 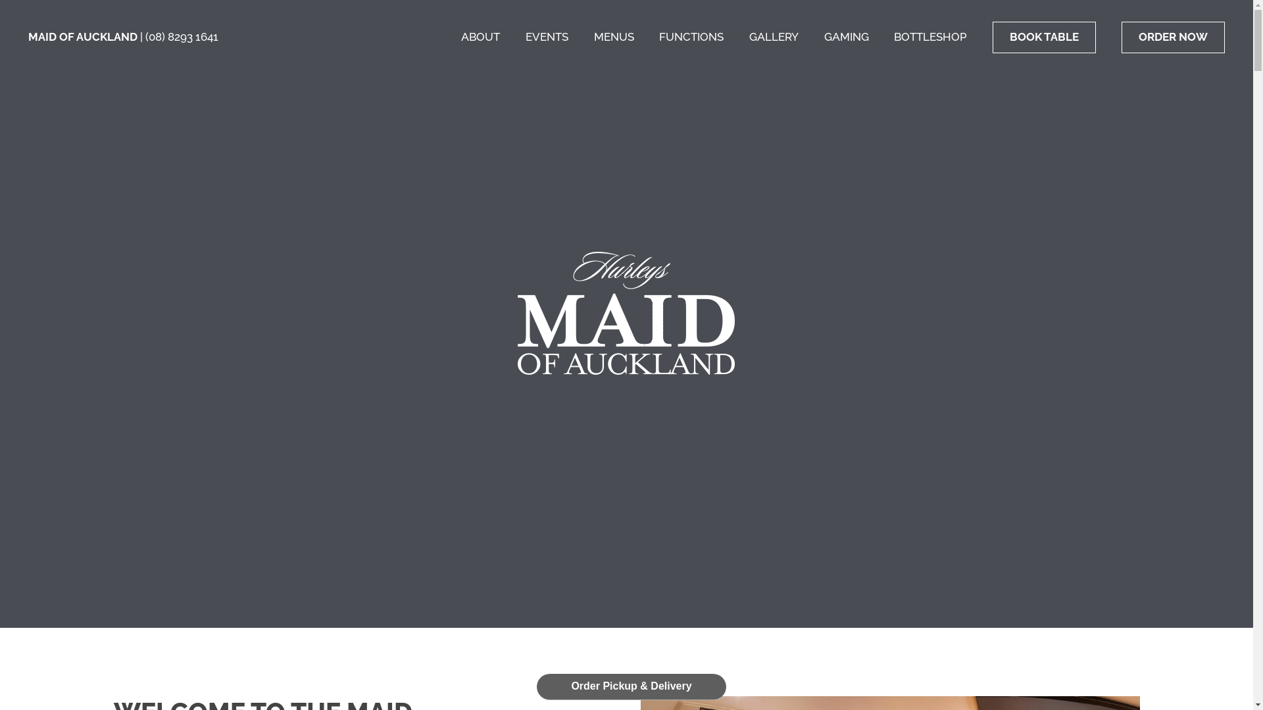 I want to click on 'MENUS', so click(x=593, y=36).